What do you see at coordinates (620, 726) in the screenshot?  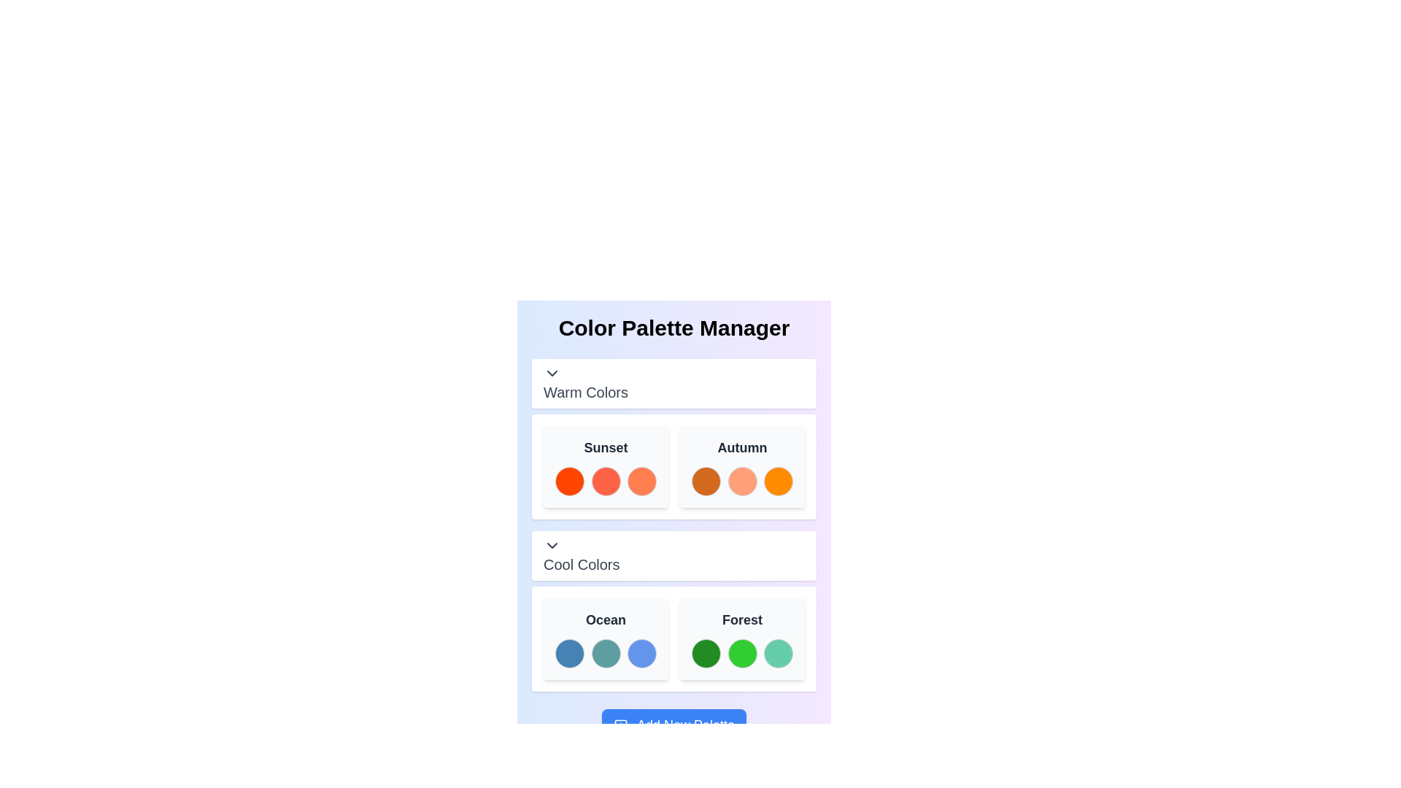 I see `the interactive graphic icon located below the 'Add New Palette' button` at bounding box center [620, 726].